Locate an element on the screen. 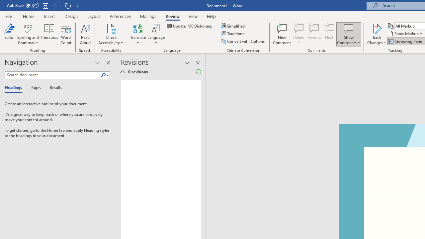 Image resolution: width=425 pixels, height=239 pixels. 'Pages' is located at coordinates (35, 88).